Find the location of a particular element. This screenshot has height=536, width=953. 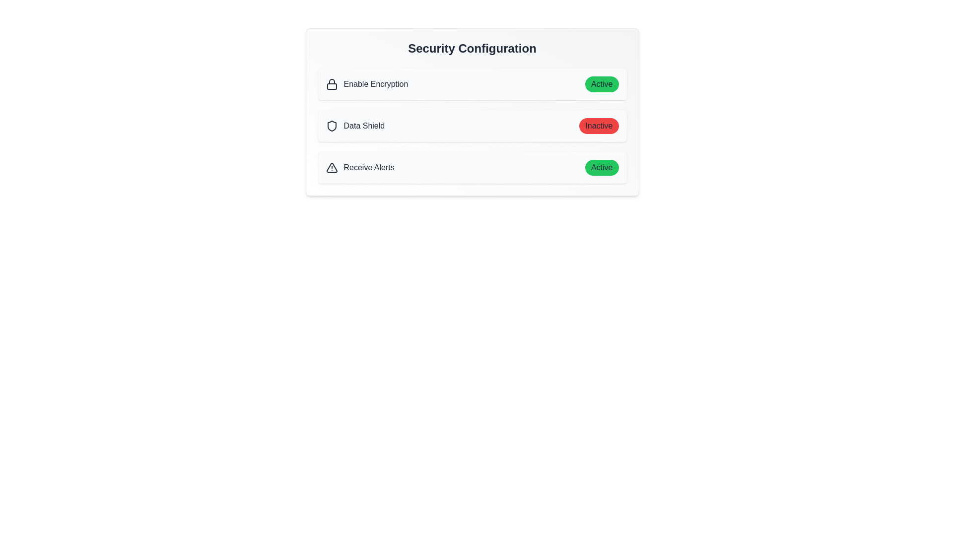

the 'Receive Alerts' label with the alert icon in the 'Security Configuration' section, which is the third item in a vertically stacked list is located at coordinates (359, 167).